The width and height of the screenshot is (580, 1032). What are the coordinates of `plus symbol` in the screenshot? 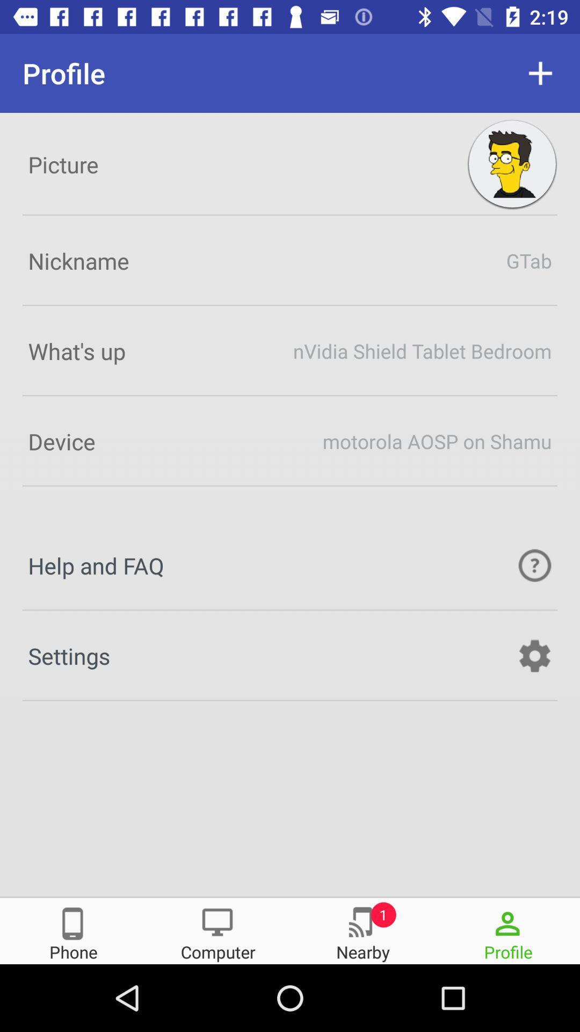 It's located at (540, 73).